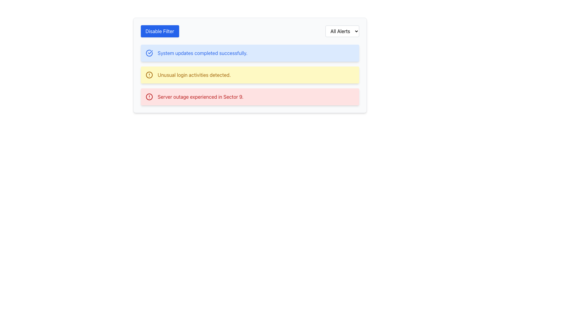 This screenshot has height=328, width=584. I want to click on text of the notification alert card with a light red background and red text stating 'Server outage experienced in Sector 9.', so click(250, 97).